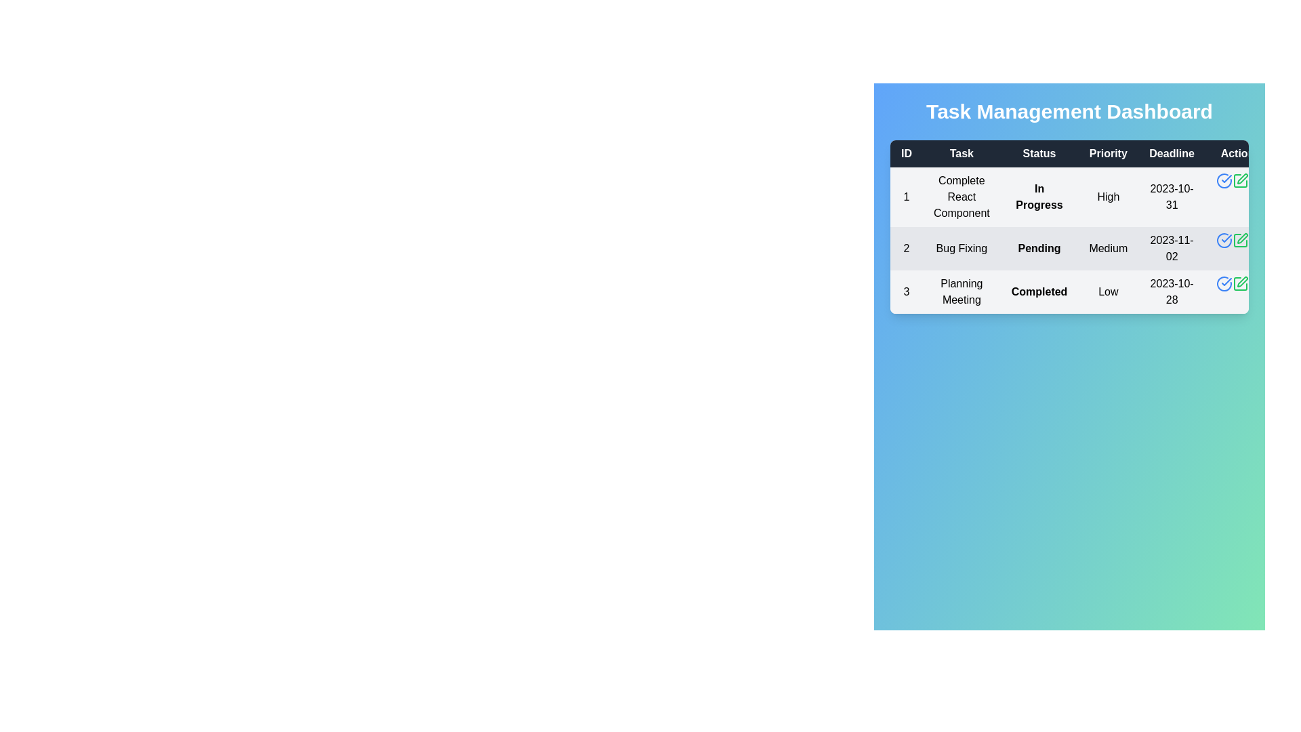 The height and width of the screenshot is (732, 1301). What do you see at coordinates (1255, 283) in the screenshot?
I see `the delete button for task 3` at bounding box center [1255, 283].